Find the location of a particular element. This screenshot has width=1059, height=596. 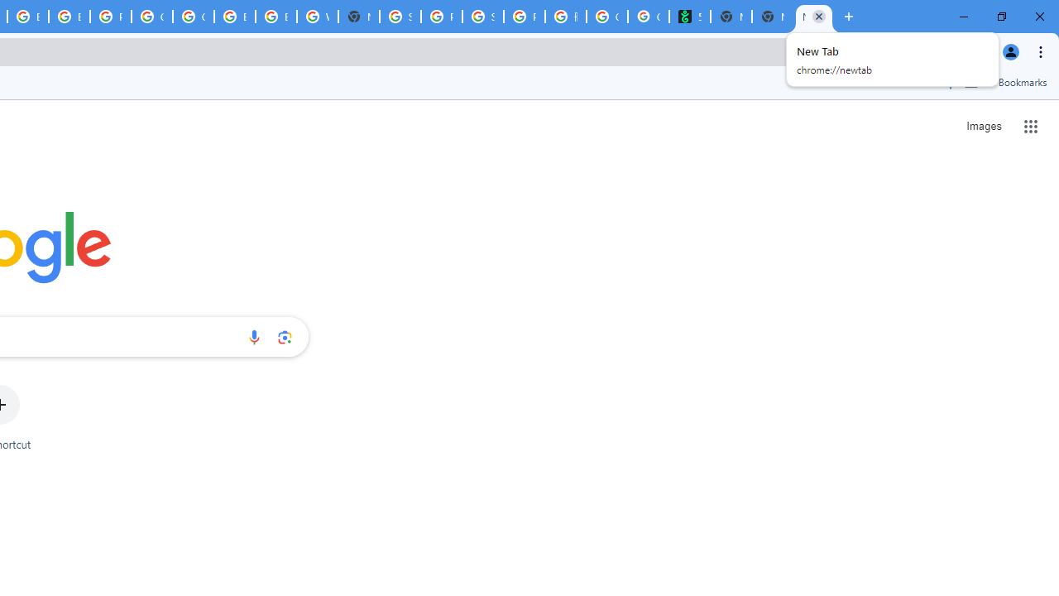

'Close' is located at coordinates (818, 16).